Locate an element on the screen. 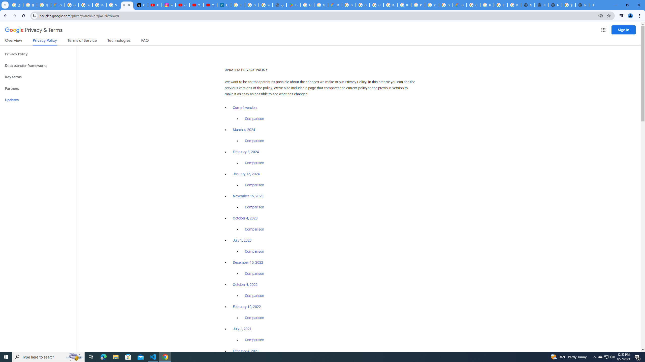  'Google Cloud Privacy Notice' is located at coordinates (57, 5).